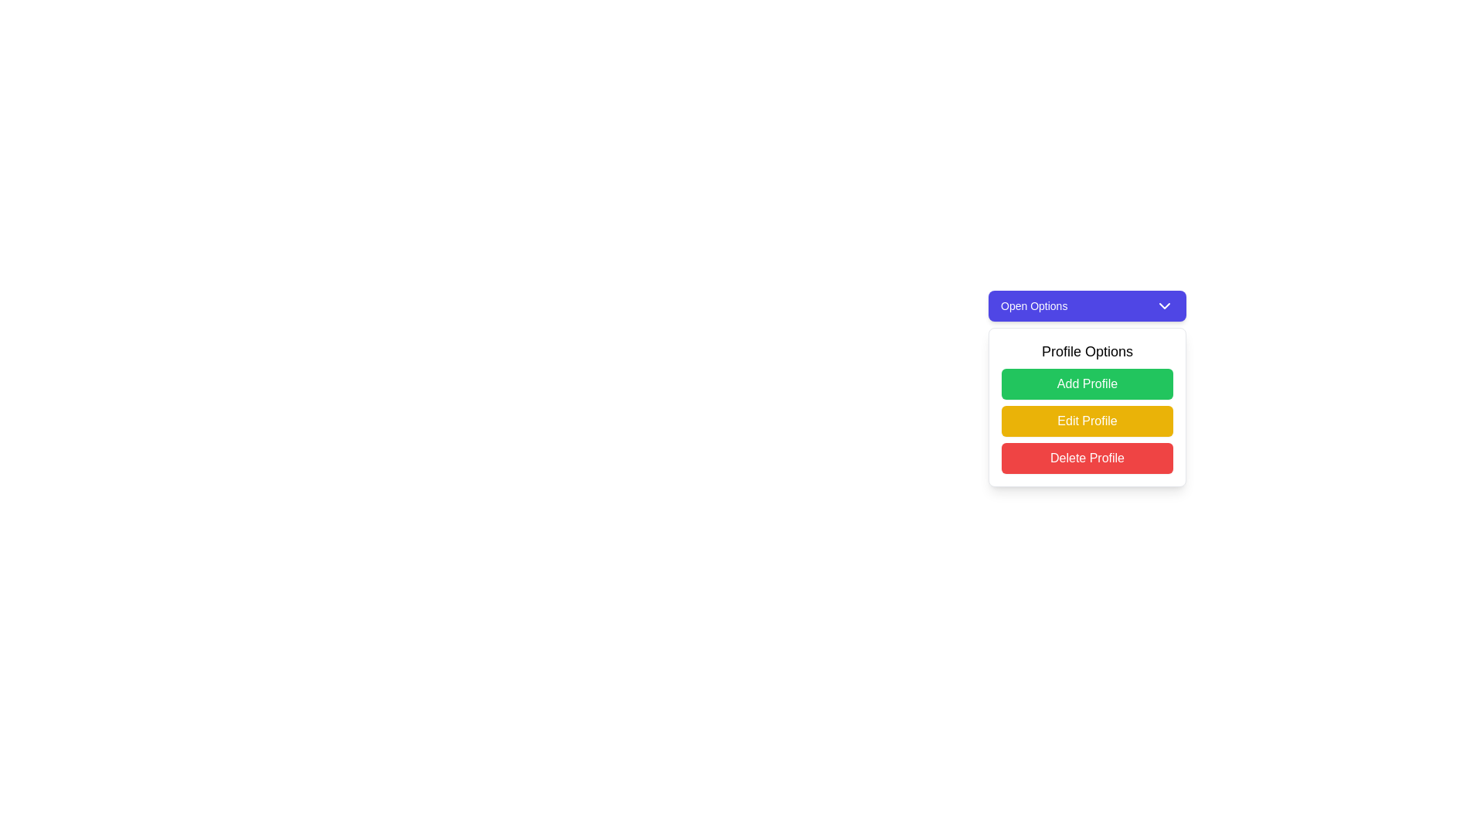  Describe the element at coordinates (1086, 458) in the screenshot. I see `the red 'Delete Profile' button to trigger the color change effect` at that location.